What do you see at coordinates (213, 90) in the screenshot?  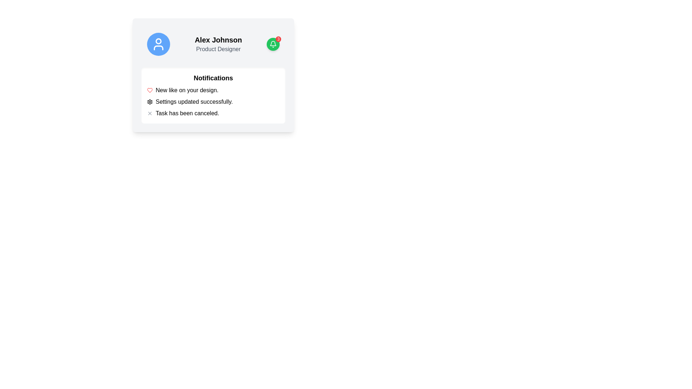 I see `the first notification in the Notifications section which indicates a new like action on the user's design` at bounding box center [213, 90].